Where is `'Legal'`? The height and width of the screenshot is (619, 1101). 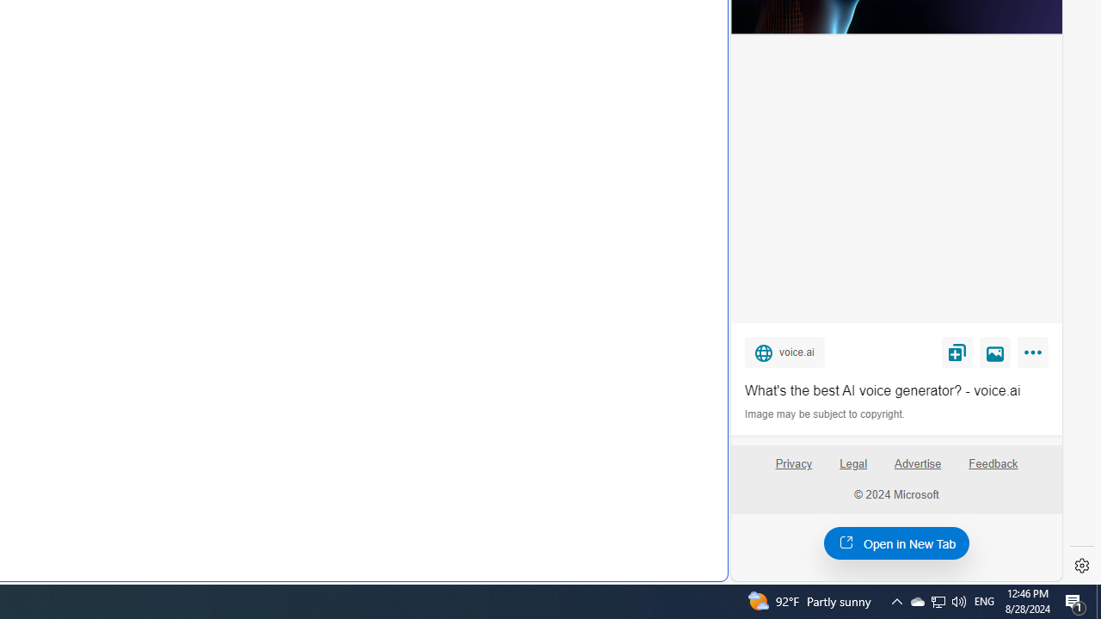
'Legal' is located at coordinates (853, 470).